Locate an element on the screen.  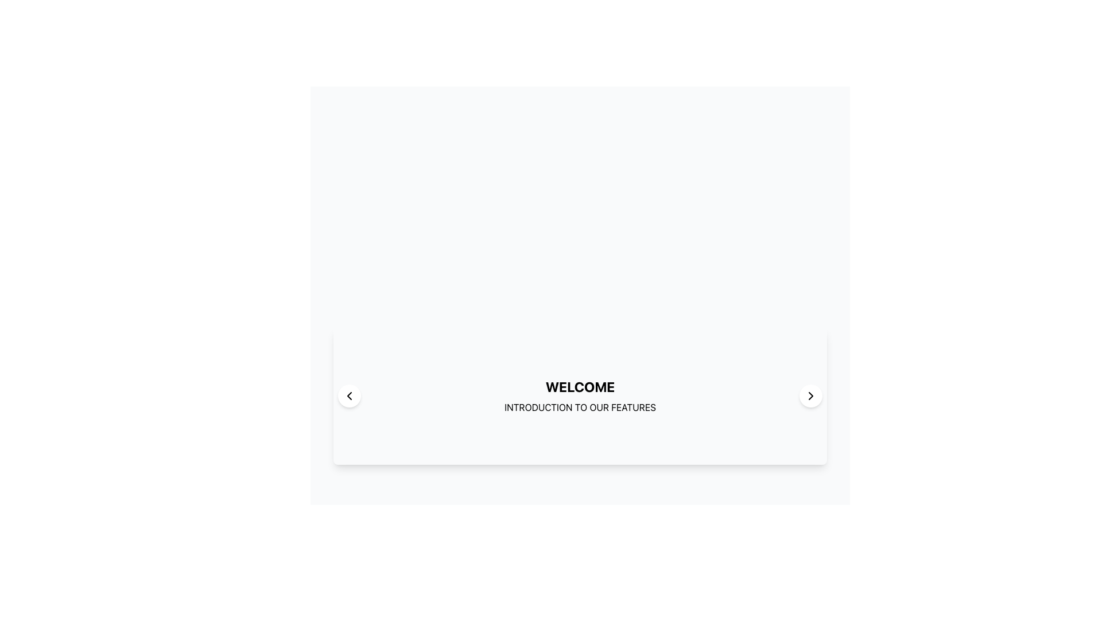
the circular navigation button with a rightward arrow is located at coordinates (810, 395).